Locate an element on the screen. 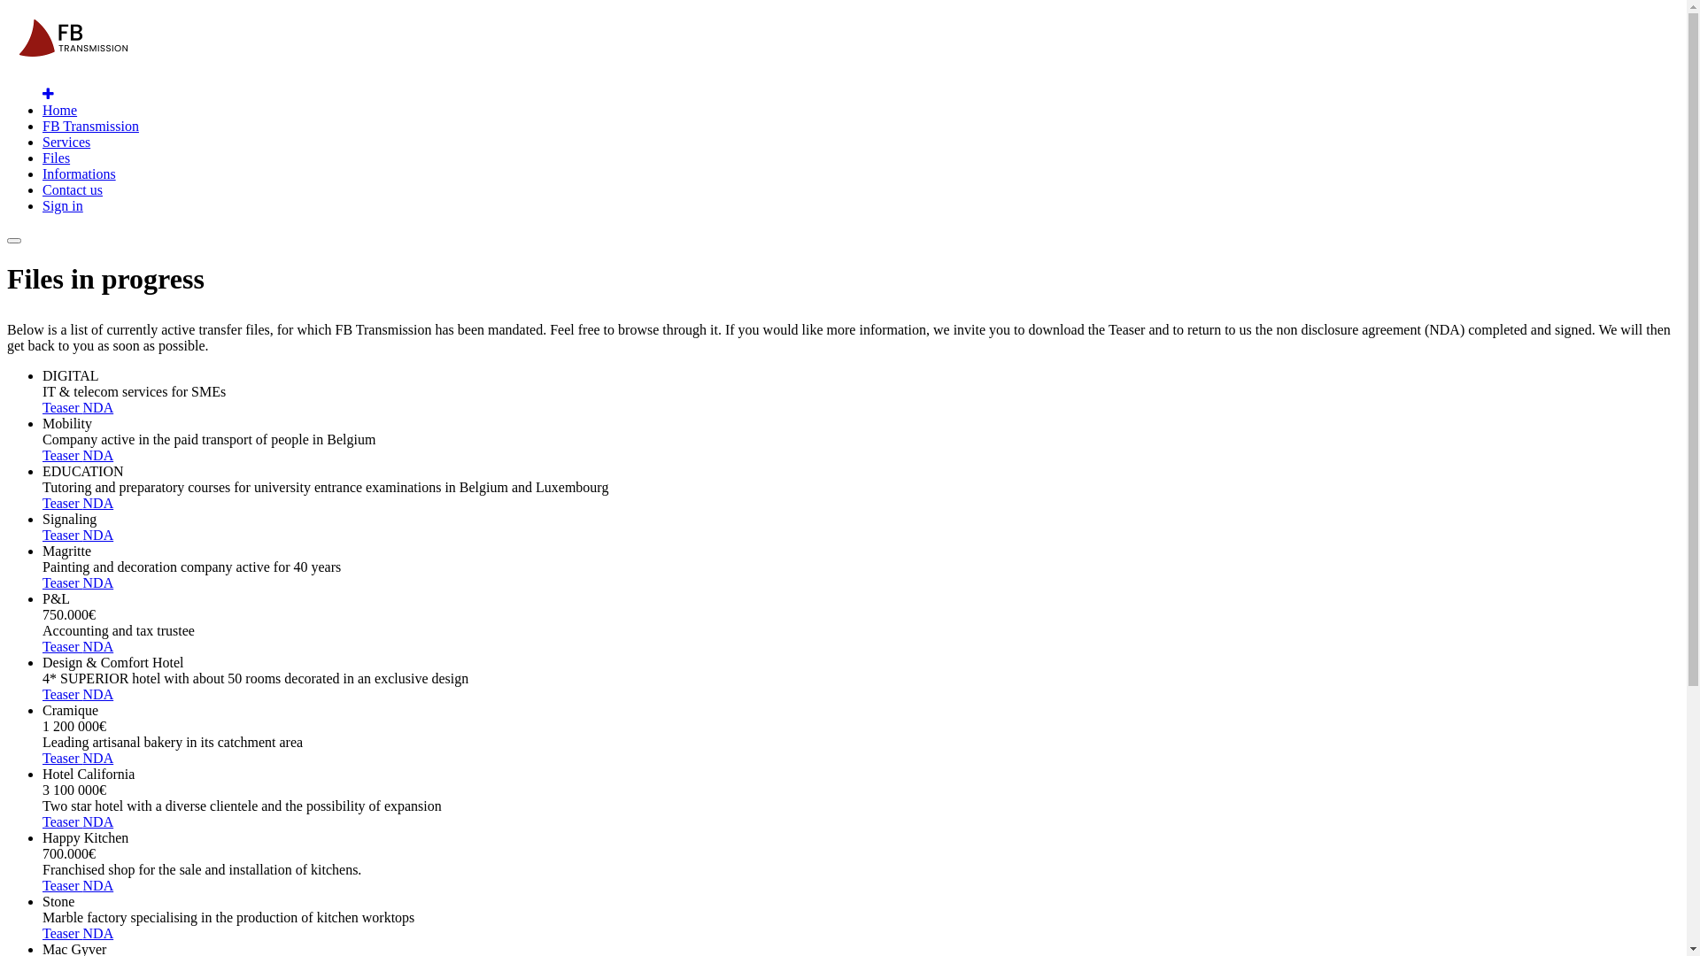  'Teaser' is located at coordinates (63, 407).